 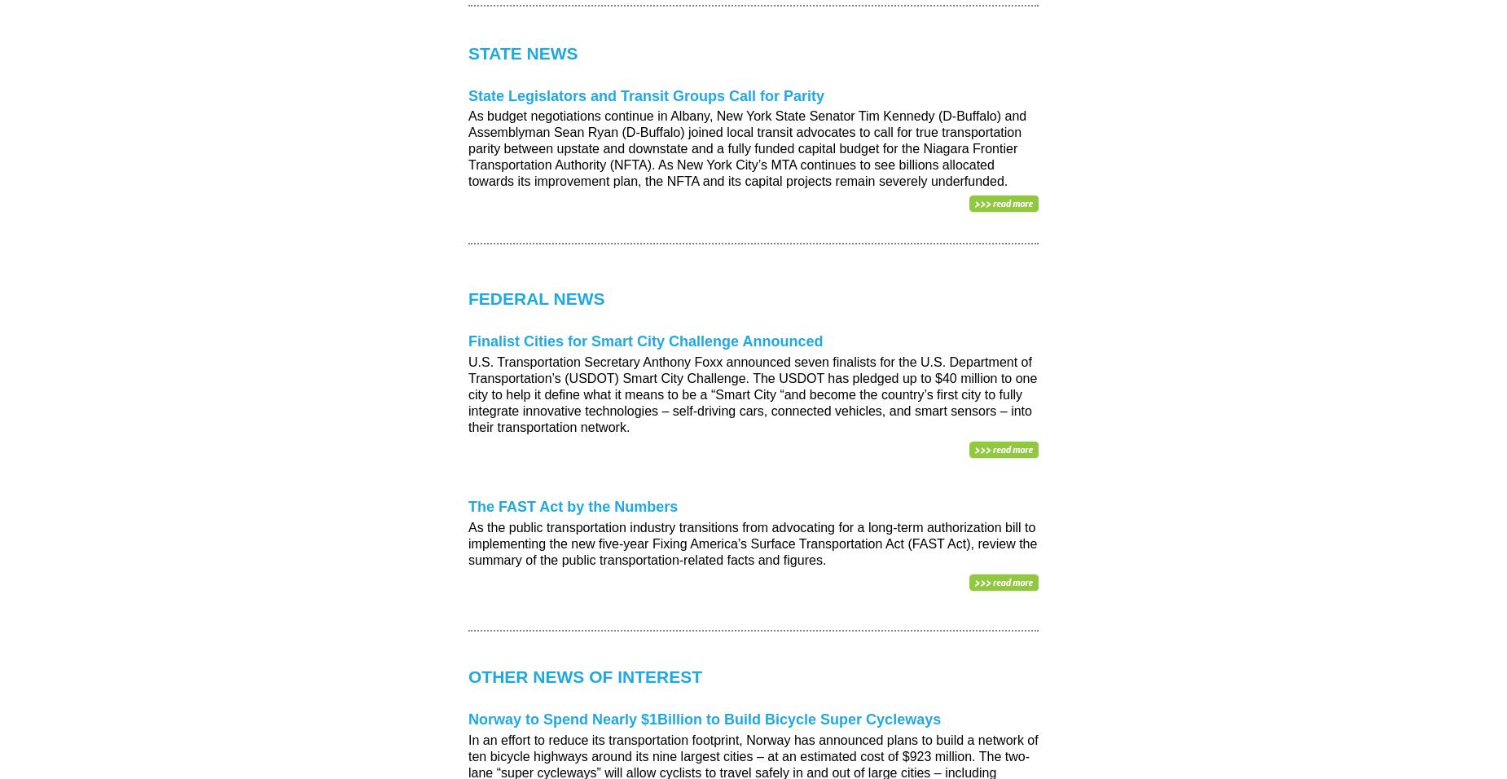 What do you see at coordinates (468, 95) in the screenshot?
I see `'State Legislators and Transit Groups Call for Parity'` at bounding box center [468, 95].